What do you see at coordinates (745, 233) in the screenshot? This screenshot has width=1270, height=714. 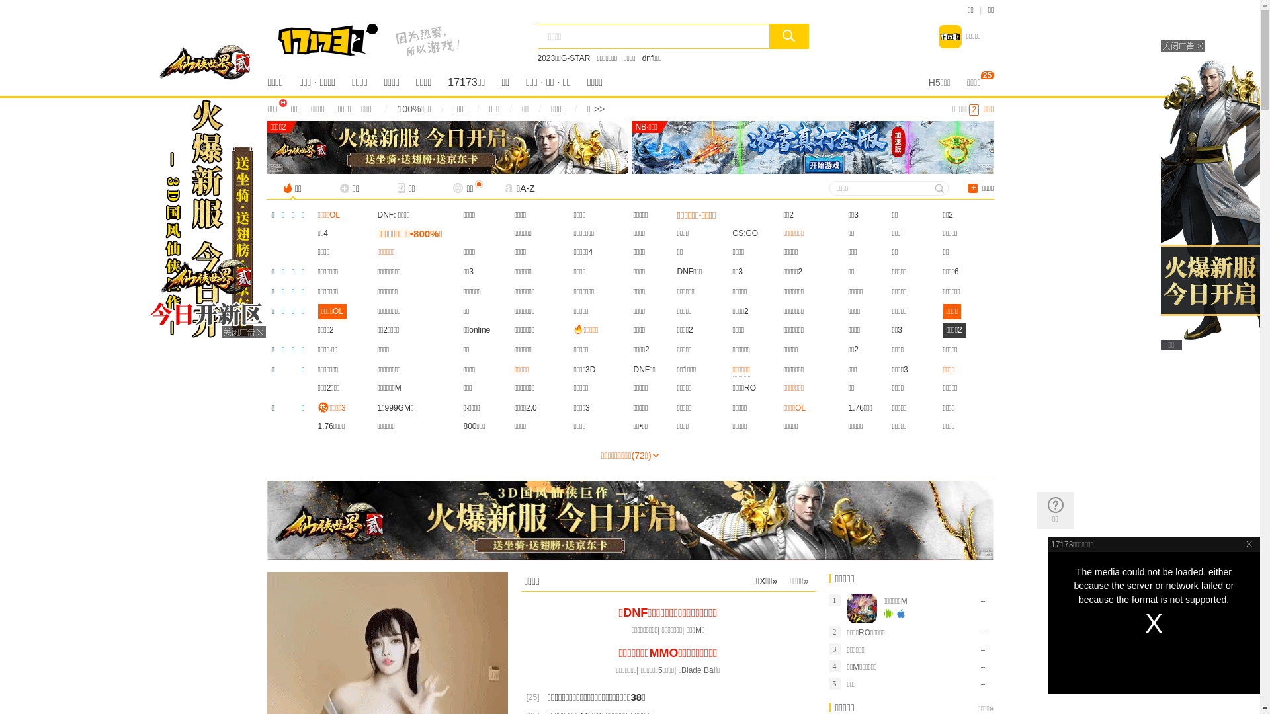 I see `'CS:GO'` at bounding box center [745, 233].